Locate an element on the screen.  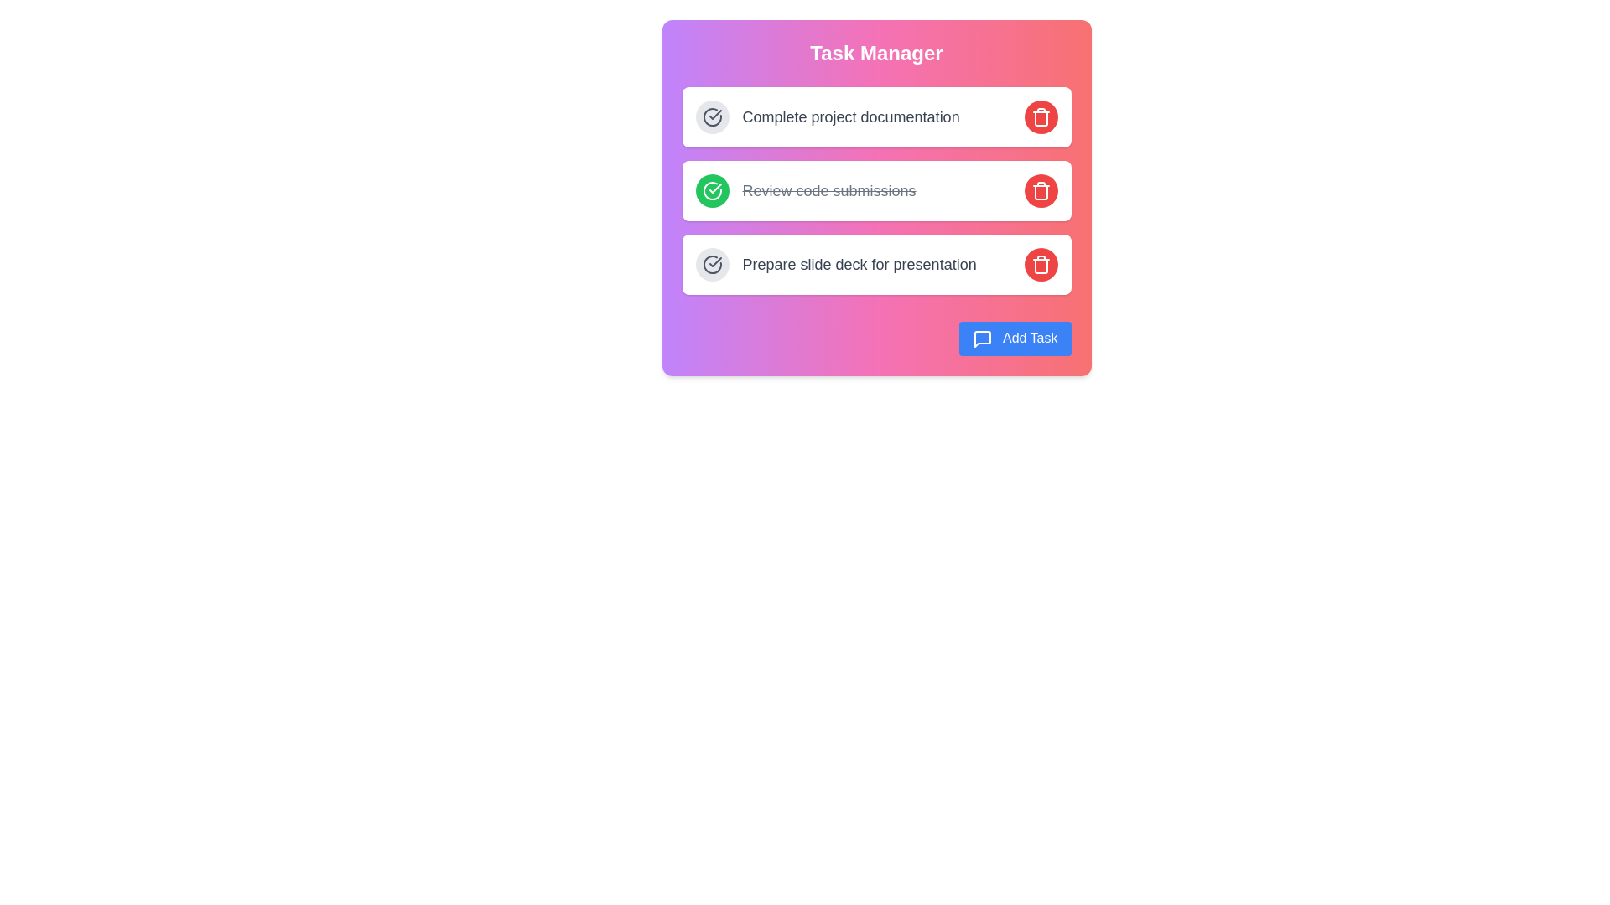
the circular completion status icon with a checkmark in the center is located at coordinates (712, 264).